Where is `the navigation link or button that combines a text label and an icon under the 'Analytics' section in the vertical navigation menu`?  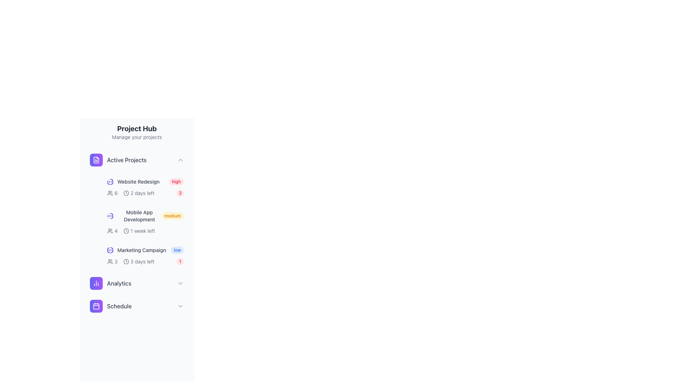 the navigation link or button that combines a text label and an icon under the 'Analytics' section in the vertical navigation menu is located at coordinates (110, 306).